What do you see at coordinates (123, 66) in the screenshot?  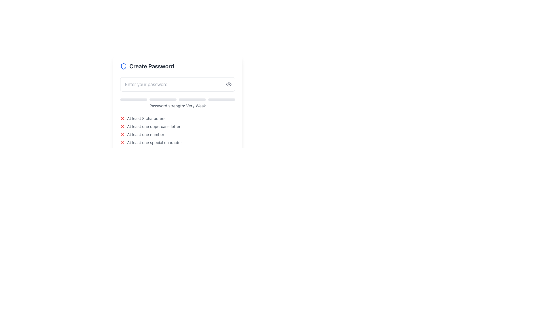 I see `the shield-shaped icon located at the top-left corner of the 'Create Password' section, which is depicted within an SVG element` at bounding box center [123, 66].